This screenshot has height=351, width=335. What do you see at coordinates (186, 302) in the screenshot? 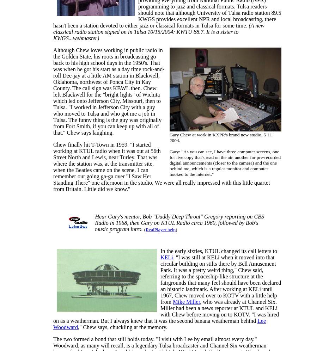
I see `'Mike
	Miller'` at bounding box center [186, 302].